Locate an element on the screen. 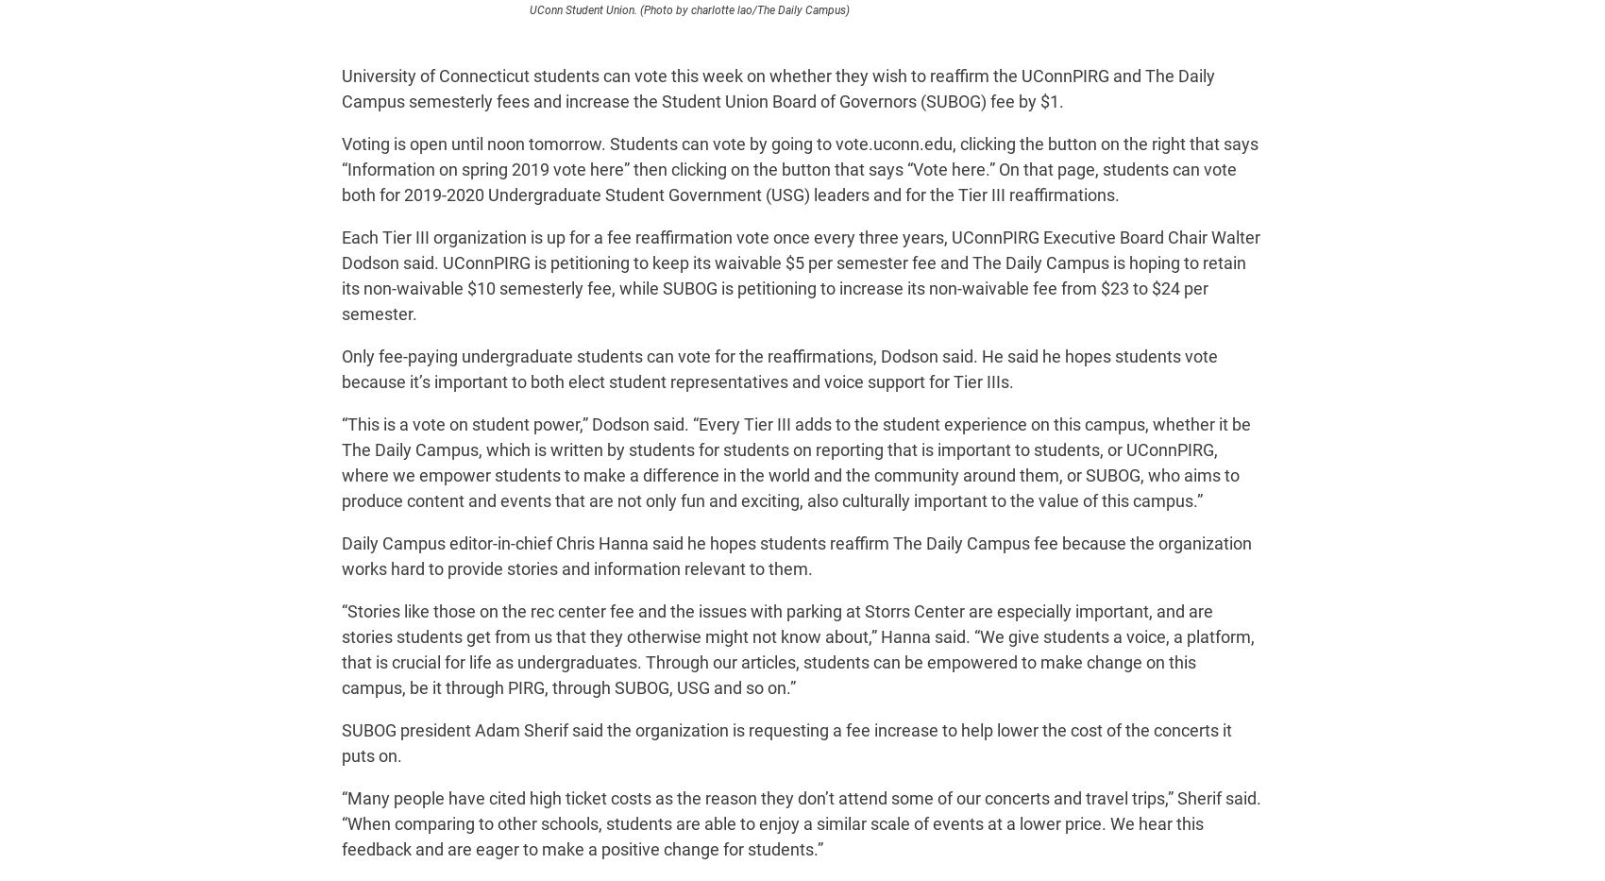  'SUBOG president Adam Sherif said the organization is requesting a fee increase to help lower the cost of the concerts it puts on.' is located at coordinates (786, 742).